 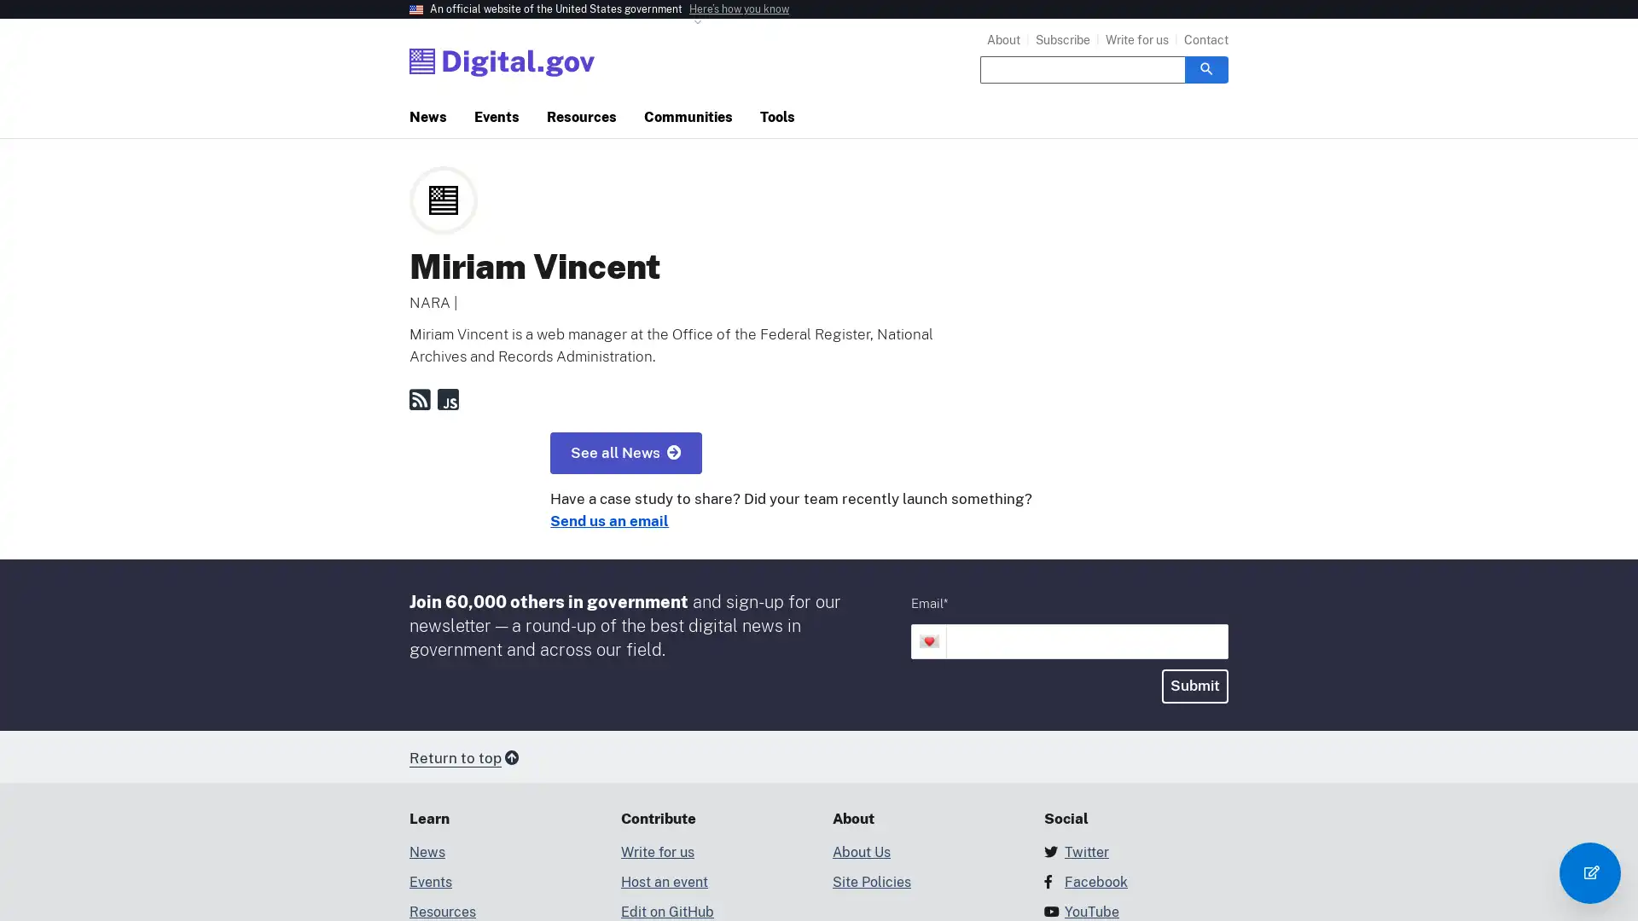 I want to click on Heres how you know, so click(x=739, y=9).